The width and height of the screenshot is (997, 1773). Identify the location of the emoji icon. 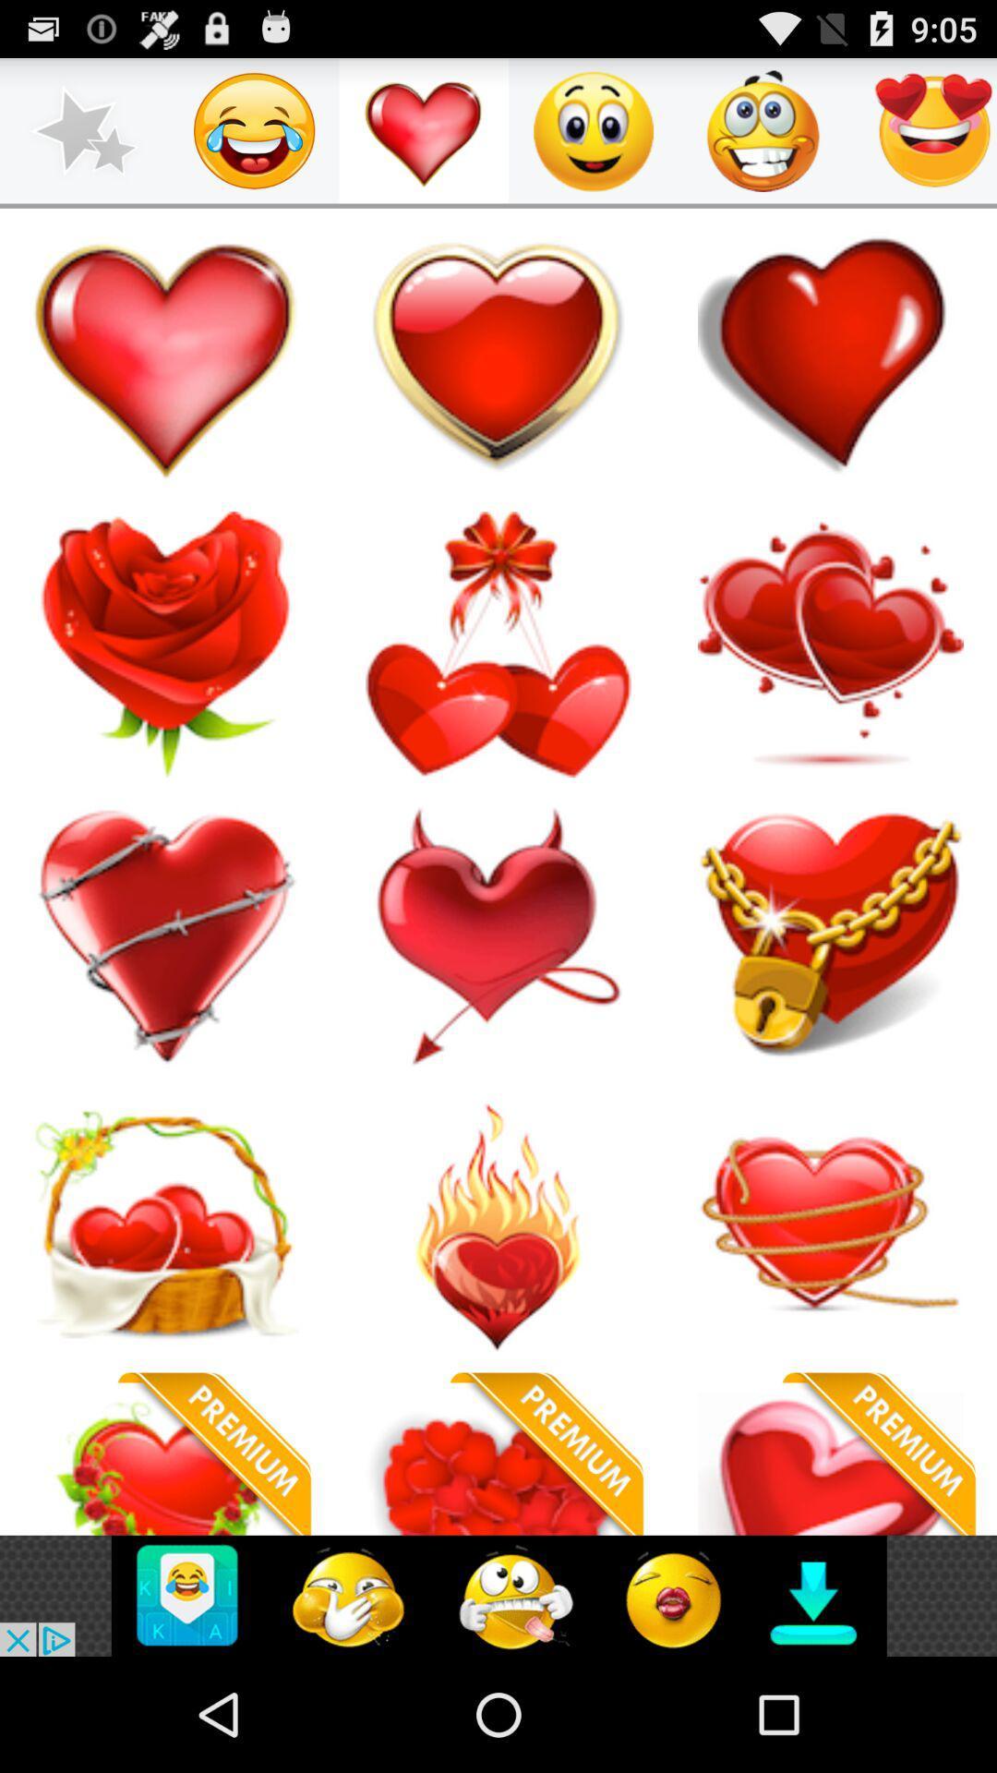
(932, 139).